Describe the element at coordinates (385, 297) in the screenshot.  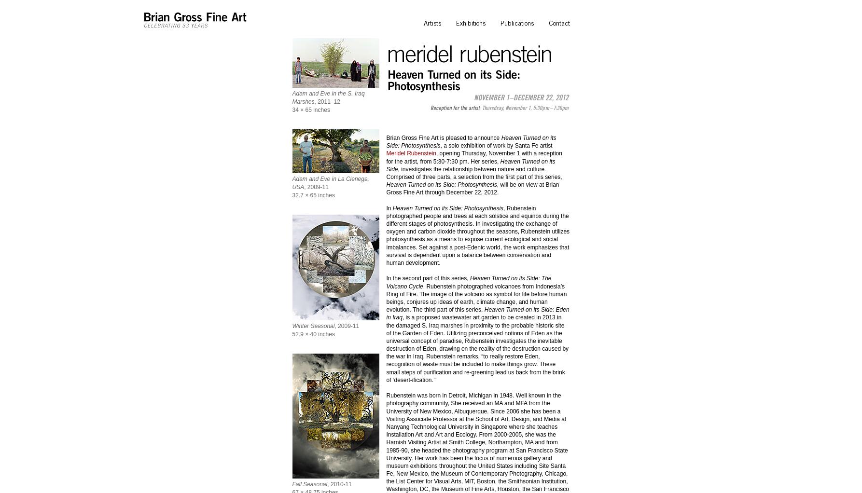
I see `', Rubenstein photographed volcanoes from Indonesia’s Ring of Fire. The image of the volcano as symbol for life before human beings, conjures up ideas of earth, climate change, and human evolution. The third part of this series,'` at that location.